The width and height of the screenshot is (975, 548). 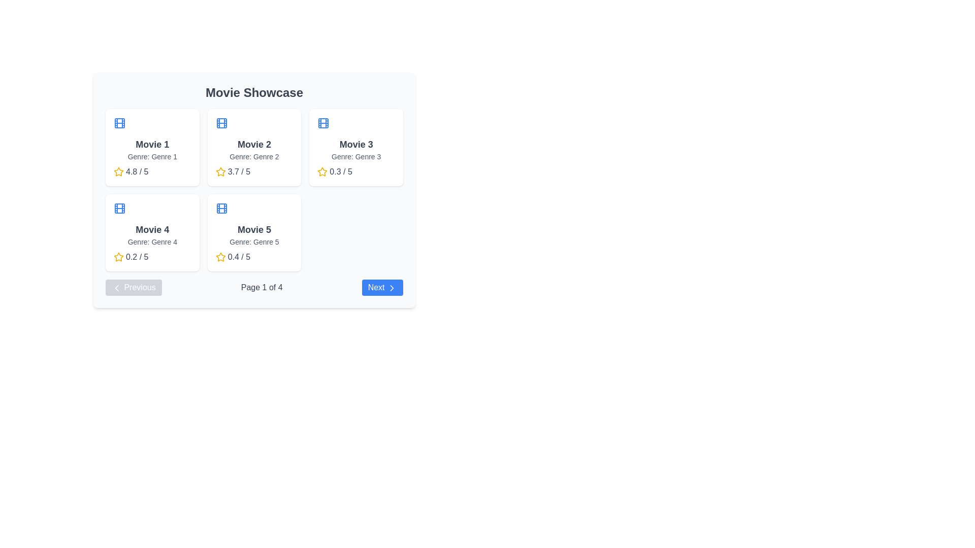 What do you see at coordinates (254, 233) in the screenshot?
I see `the movie card displaying 'Movie 5', which is a white rectangular card with a blue movie reel icon, bold text 'Movie 5', genre description 'Genre: Genre 5', and a rating '0.4 / 5' with a yellow star icon at the bottom right` at bounding box center [254, 233].